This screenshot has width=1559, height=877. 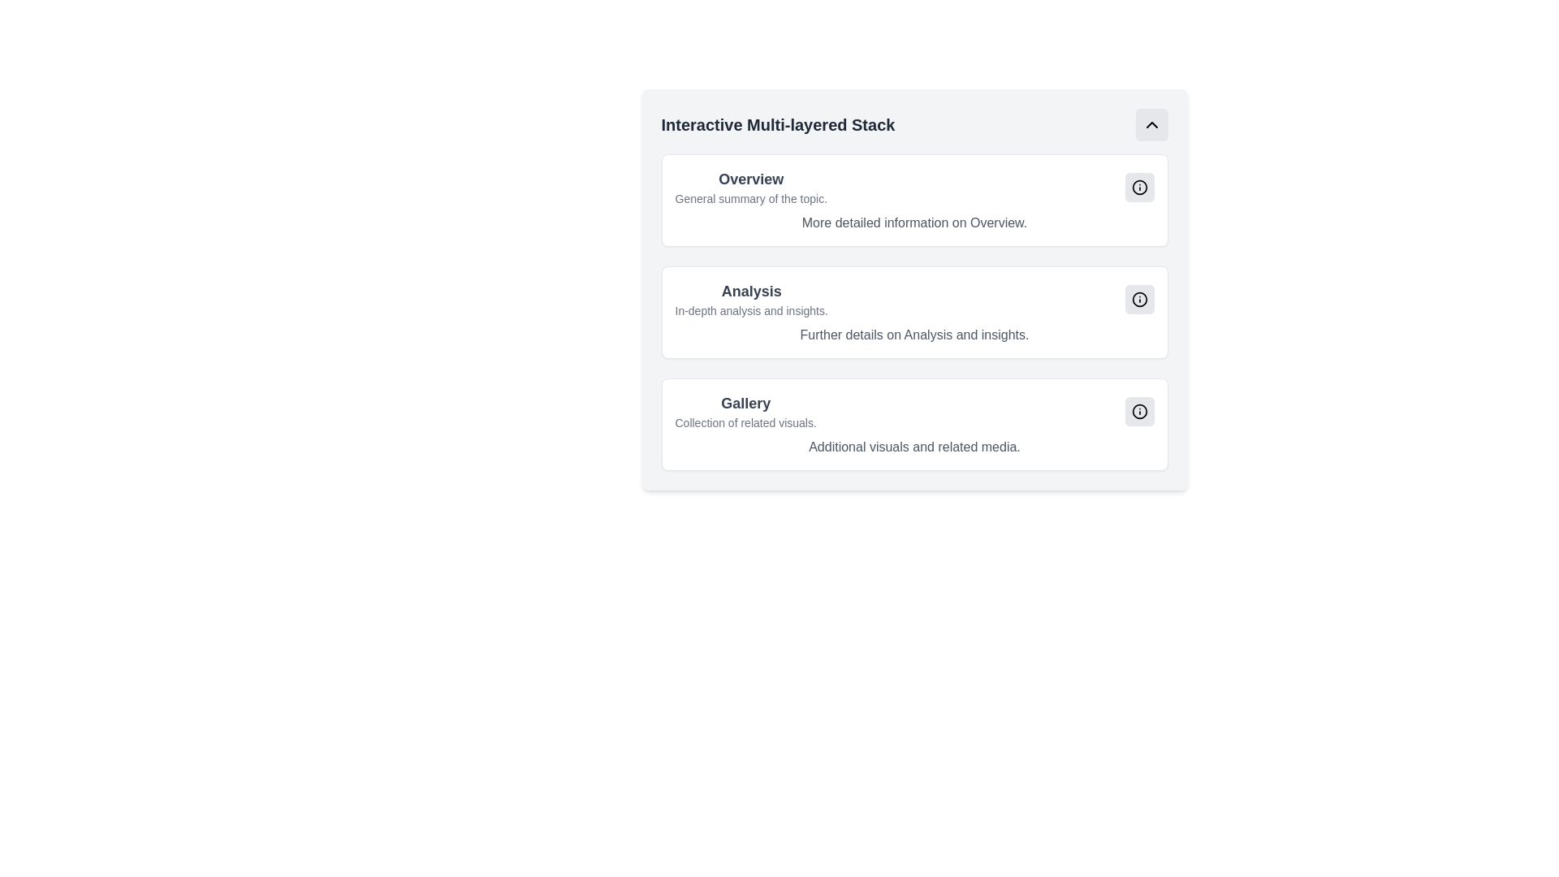 What do you see at coordinates (745, 410) in the screenshot?
I see `the descriptive text group containing the 'Gallery' title and subtitle, which is the third item in a vertically stacked group of labeled sections` at bounding box center [745, 410].